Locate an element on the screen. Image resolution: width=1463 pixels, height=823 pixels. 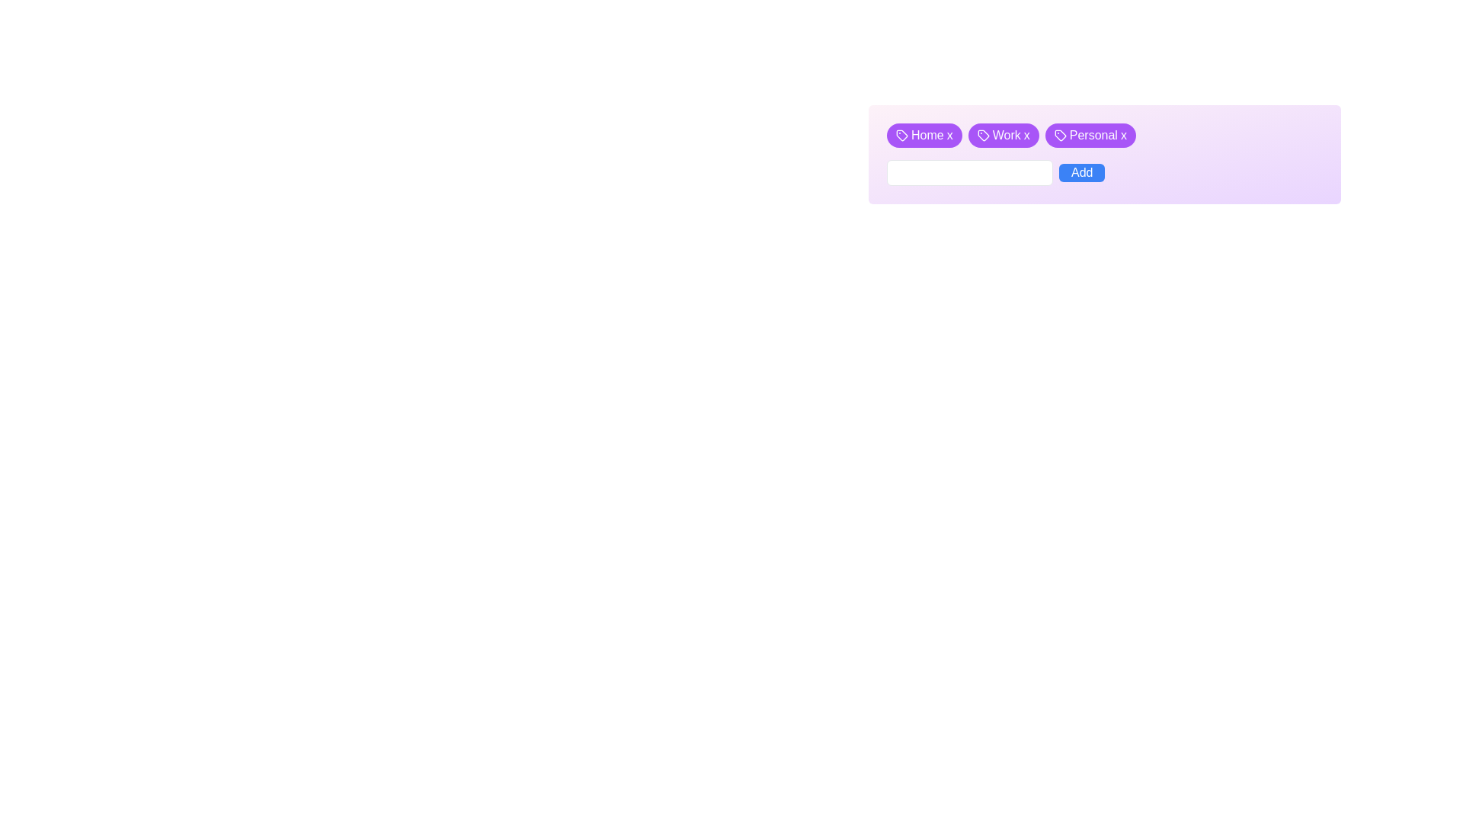
the purple pill-shaped tag labeled 'Personal x' is located at coordinates (1090, 134).